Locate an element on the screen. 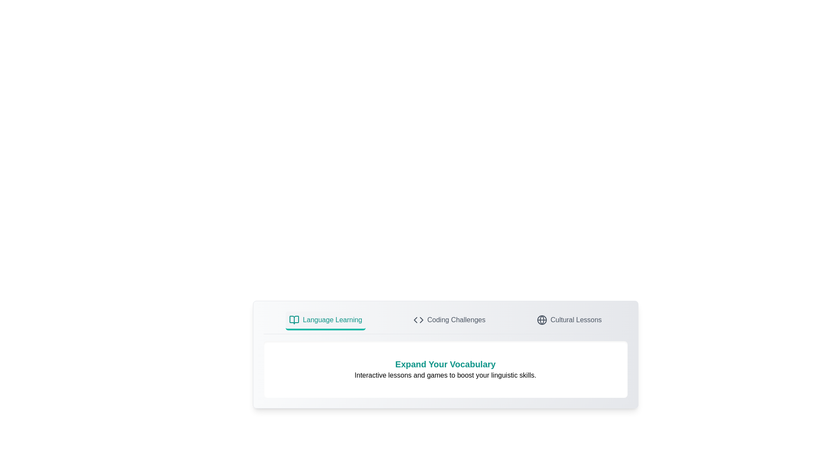 Image resolution: width=826 pixels, height=464 pixels. the tab labeled 'Cultural Lessons' to preview its label or icon is located at coordinates (569, 321).